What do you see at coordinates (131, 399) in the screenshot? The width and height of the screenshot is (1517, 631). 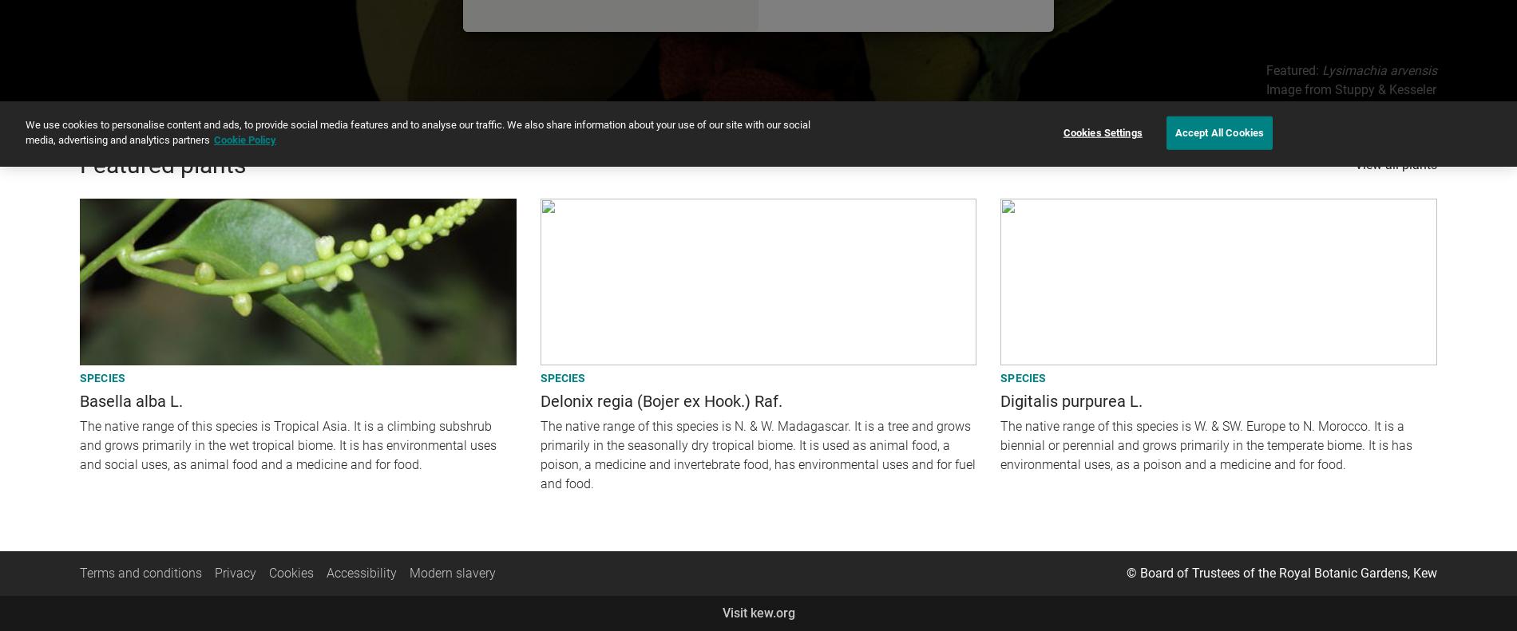 I see `'Basella alba L.'` at bounding box center [131, 399].